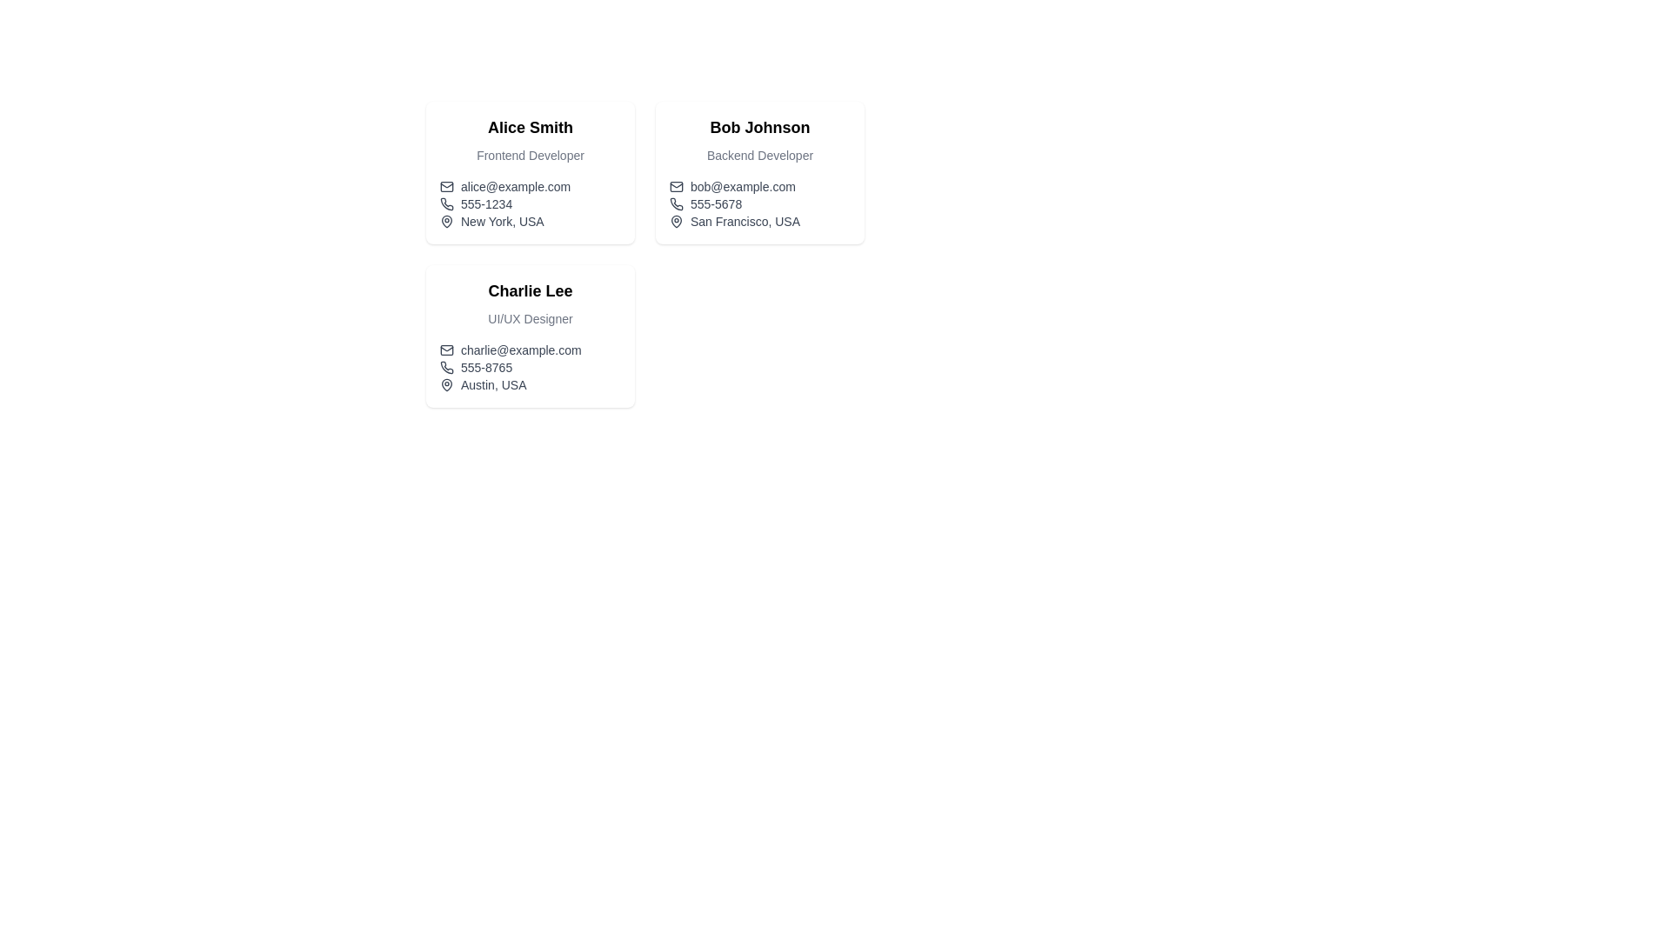  I want to click on the phone receiver icon located, so click(446, 367).